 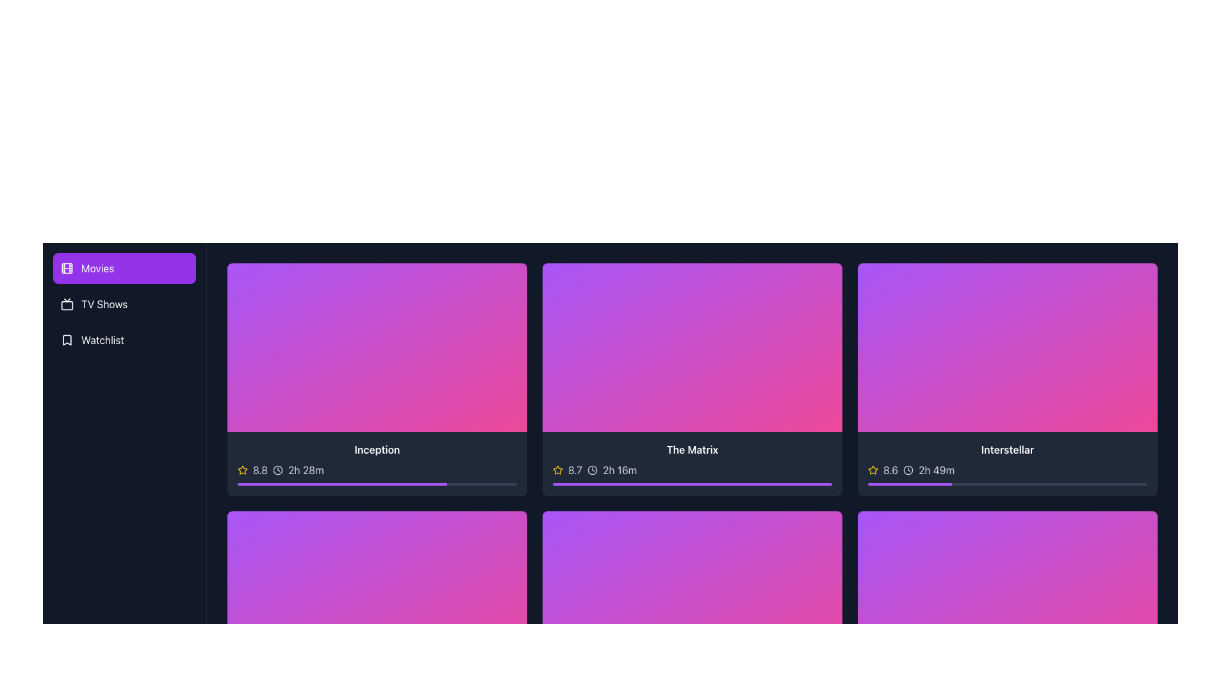 I want to click on the 'TV Shows' navigation button, which is the second item in the vertical list of navigation buttons, so click(x=124, y=304).